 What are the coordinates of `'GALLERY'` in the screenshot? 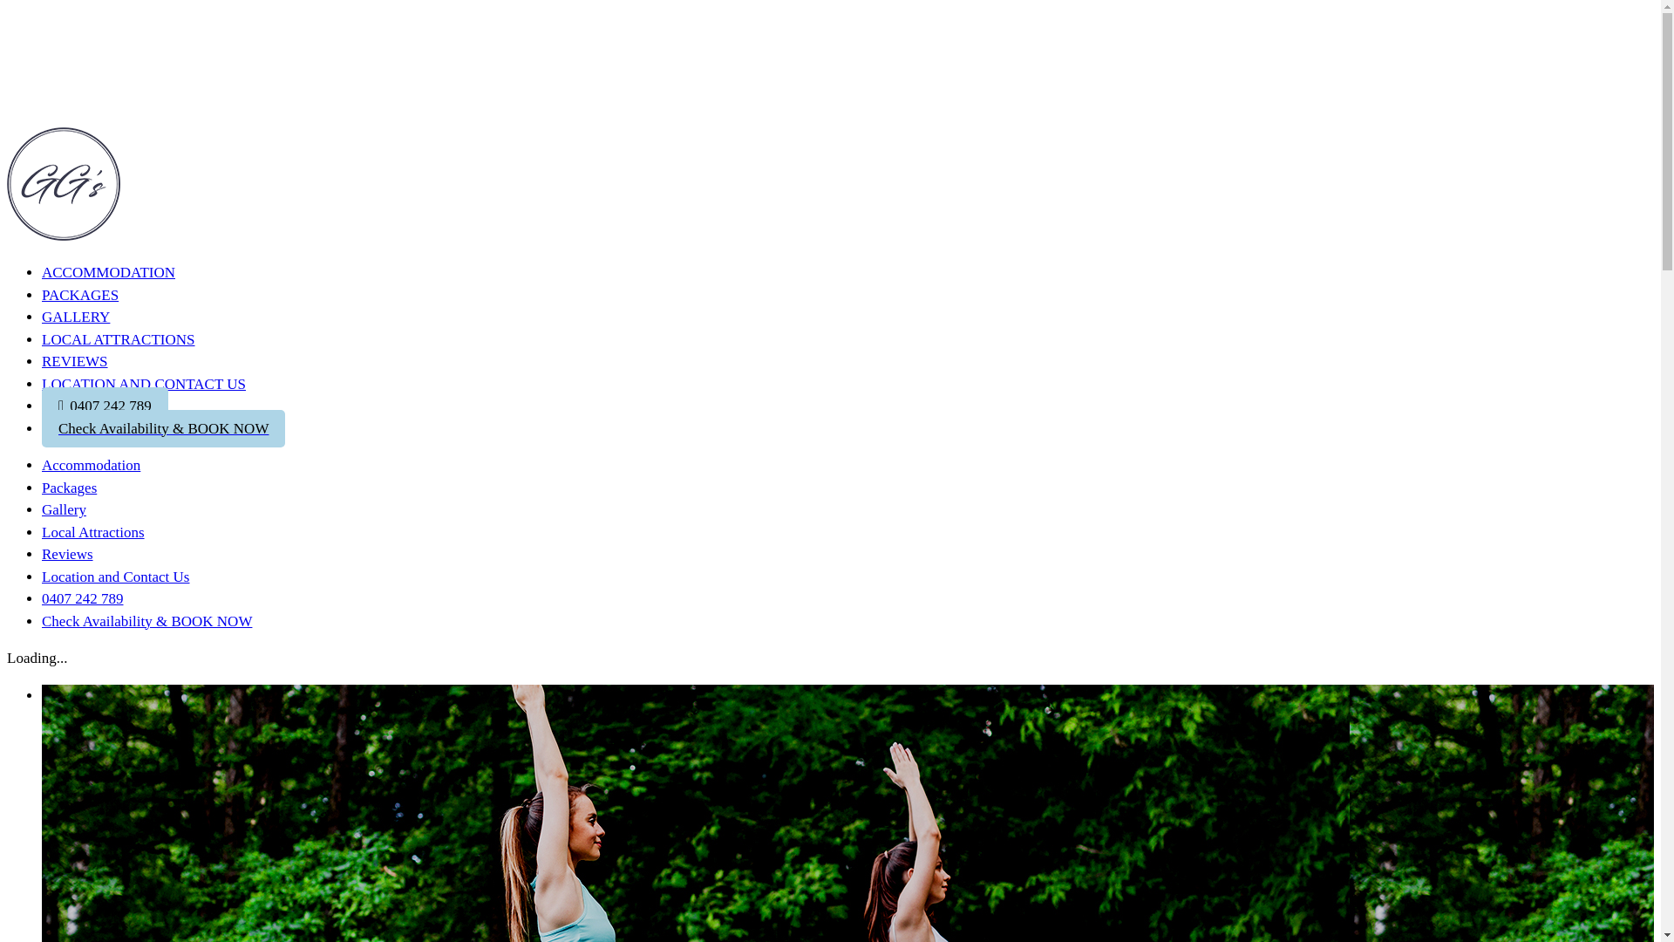 It's located at (74, 317).